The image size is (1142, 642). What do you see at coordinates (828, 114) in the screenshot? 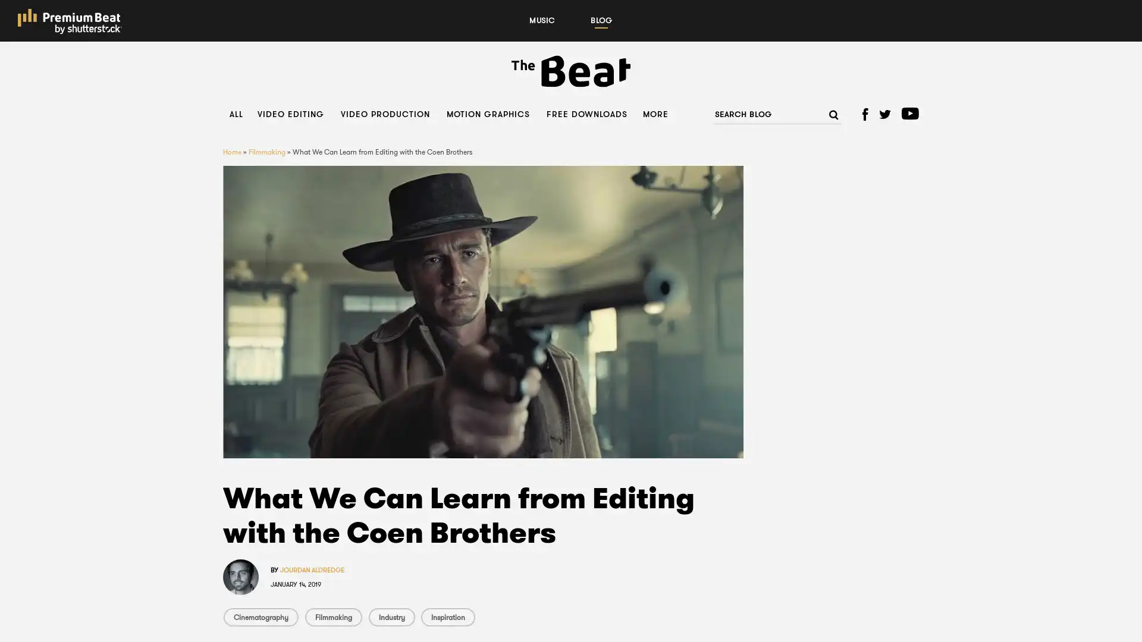
I see `Search` at bounding box center [828, 114].